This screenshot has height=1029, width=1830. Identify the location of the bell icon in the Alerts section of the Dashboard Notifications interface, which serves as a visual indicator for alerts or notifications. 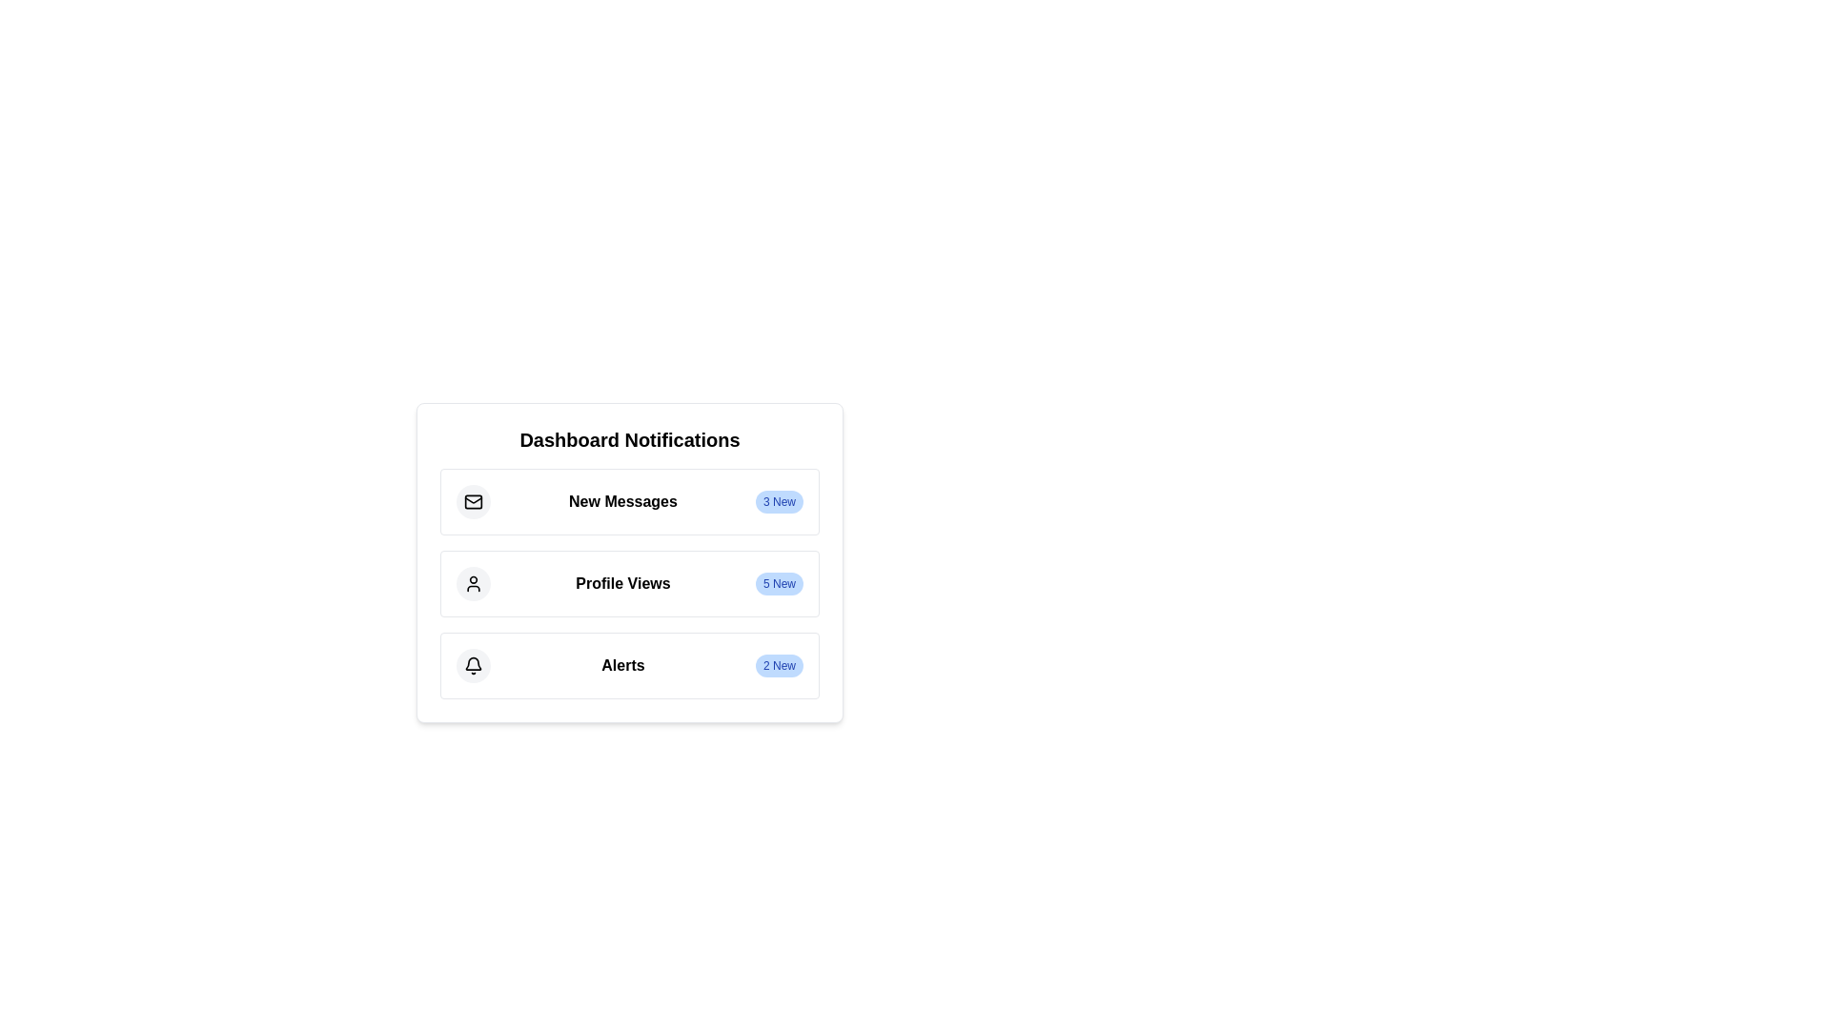
(474, 664).